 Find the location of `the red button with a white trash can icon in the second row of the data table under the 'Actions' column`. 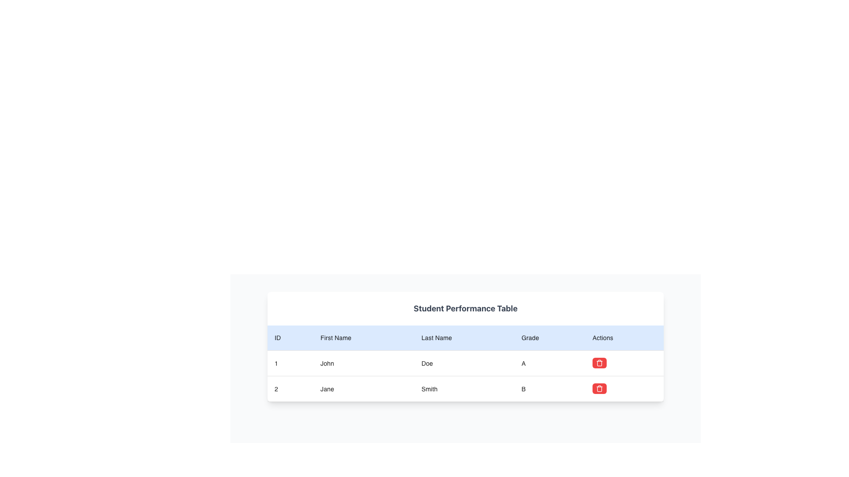

the red button with a white trash can icon in the second row of the data table under the 'Actions' column is located at coordinates (600, 363).